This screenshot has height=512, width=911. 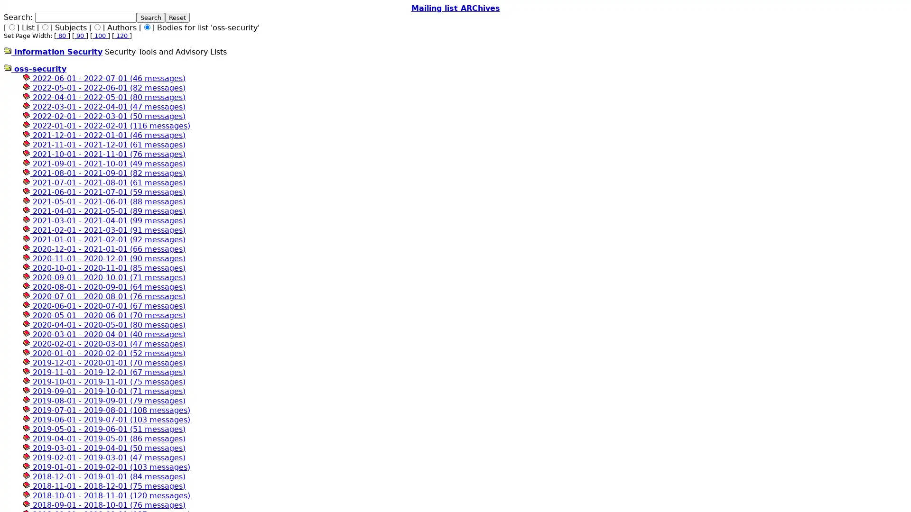 I want to click on Search, so click(x=150, y=18).